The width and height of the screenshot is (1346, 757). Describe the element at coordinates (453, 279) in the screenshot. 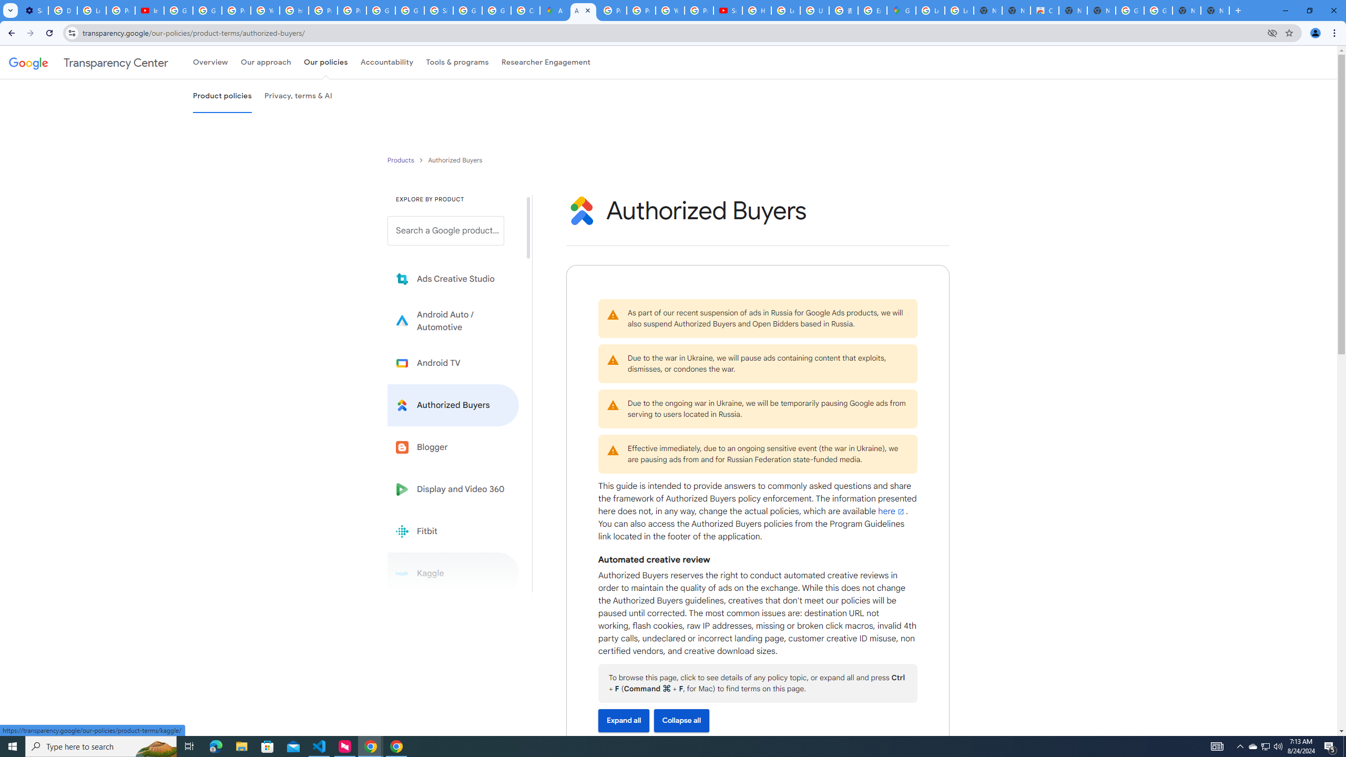

I see `'Learn more about Ads Creative Studio'` at that location.